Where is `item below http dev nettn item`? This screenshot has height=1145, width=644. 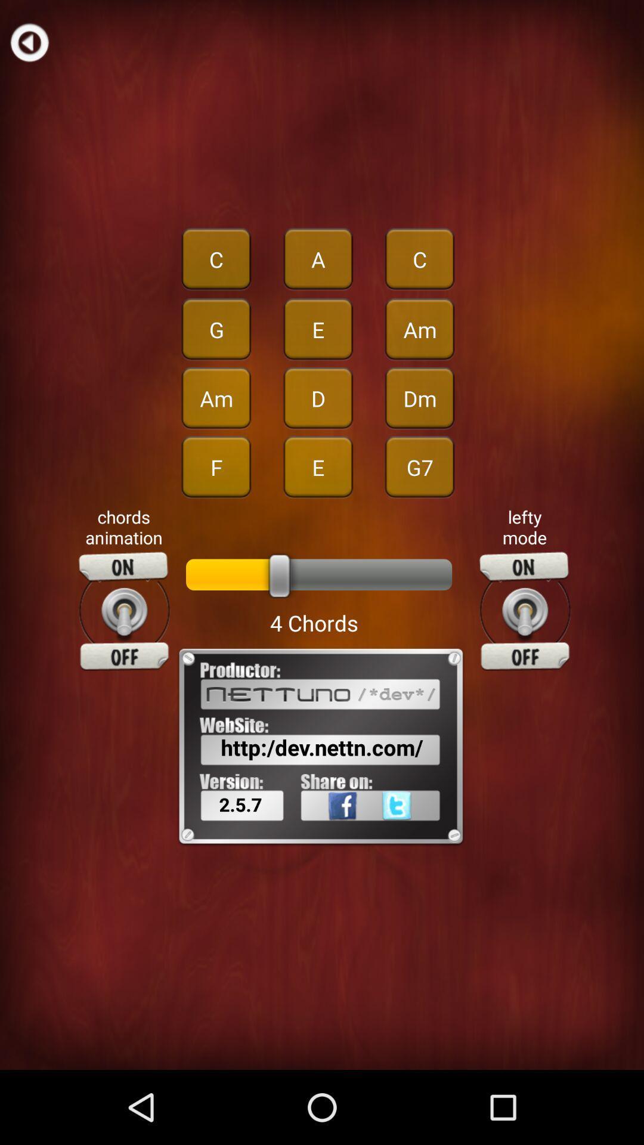
item below http dev nettn item is located at coordinates (327, 831).